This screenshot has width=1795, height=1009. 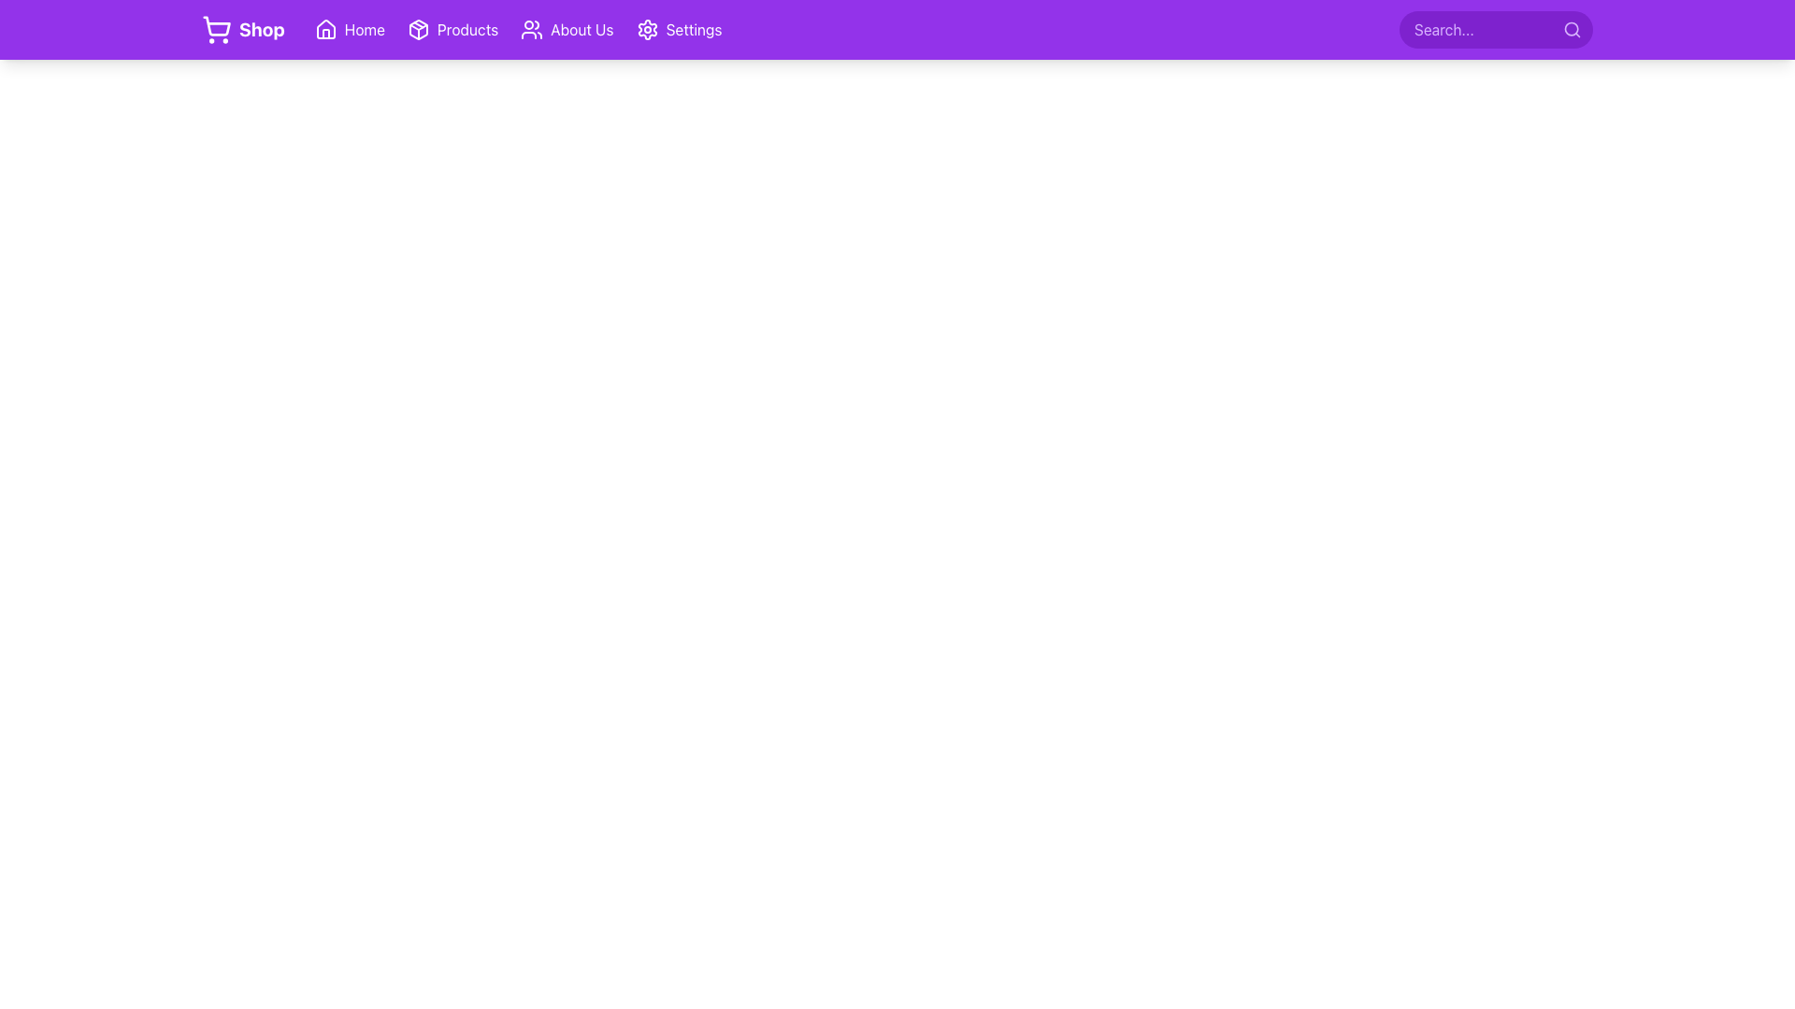 What do you see at coordinates (647, 29) in the screenshot?
I see `the decorative graphic of the settings icon, which is a gear-like structure located in the top-right corner of the user interface` at bounding box center [647, 29].